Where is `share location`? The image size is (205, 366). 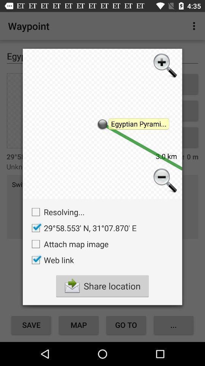
share location is located at coordinates (102, 286).